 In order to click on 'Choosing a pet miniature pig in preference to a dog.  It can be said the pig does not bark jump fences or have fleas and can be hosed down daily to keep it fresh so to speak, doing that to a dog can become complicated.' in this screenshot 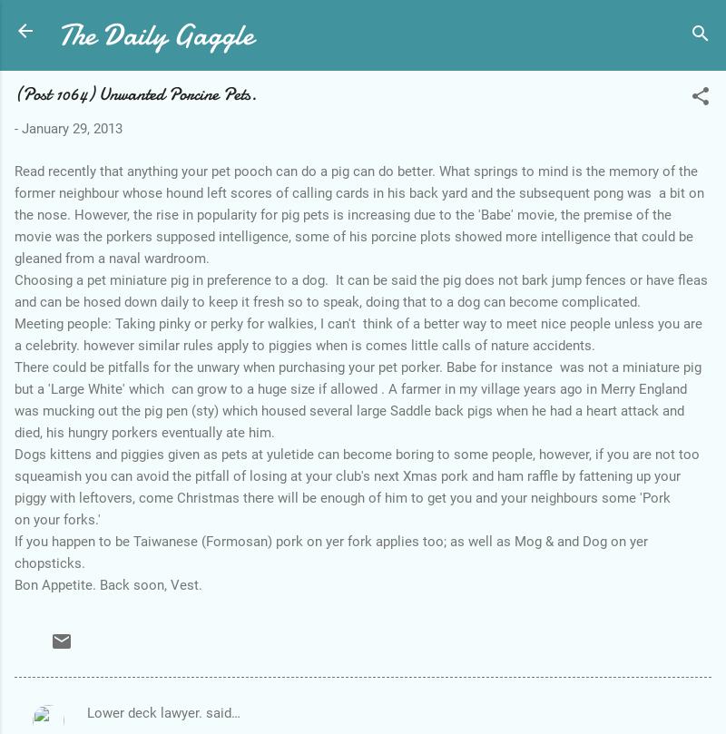, I will do `click(360, 290)`.